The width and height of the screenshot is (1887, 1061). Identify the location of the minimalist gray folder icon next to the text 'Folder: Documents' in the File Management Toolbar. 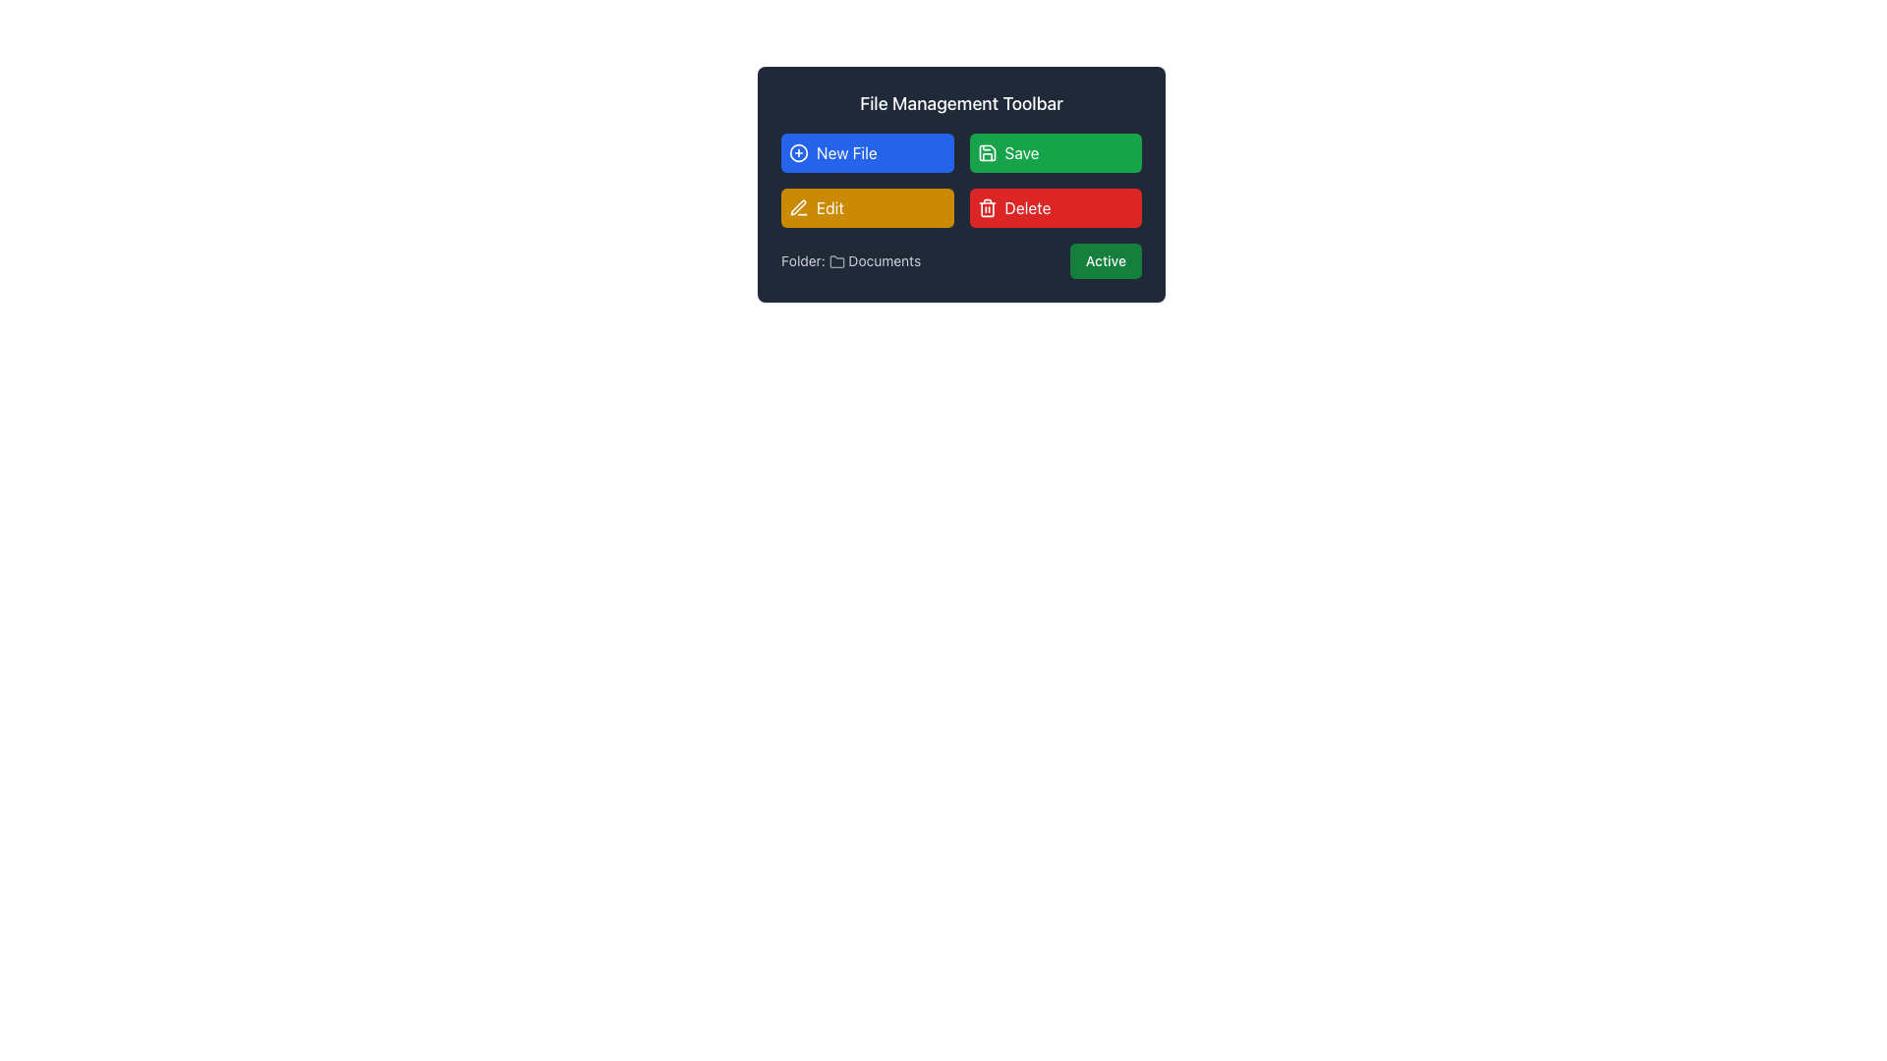
(836, 261).